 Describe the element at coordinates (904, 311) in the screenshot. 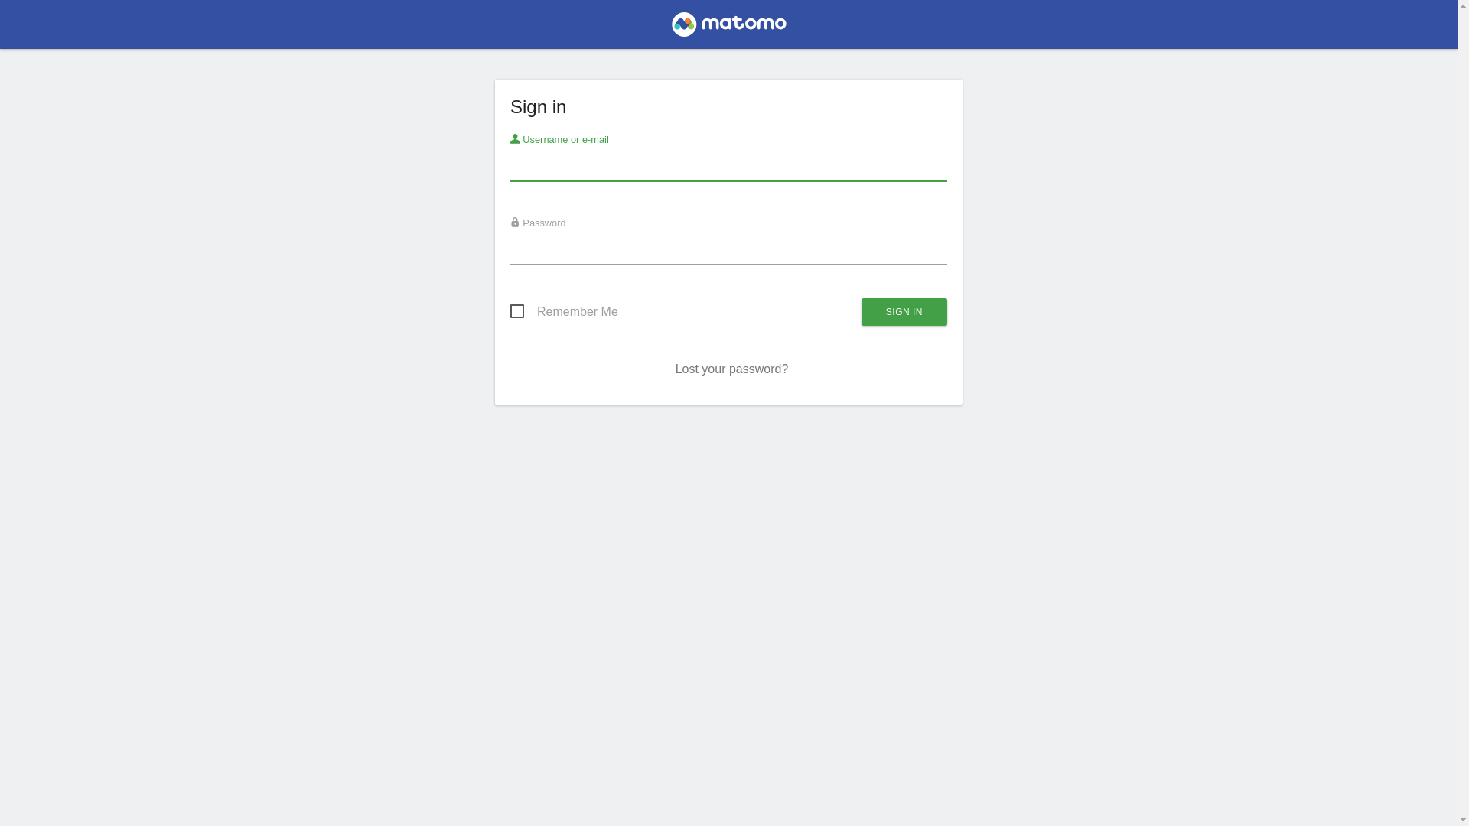

I see `'Sign in'` at that location.